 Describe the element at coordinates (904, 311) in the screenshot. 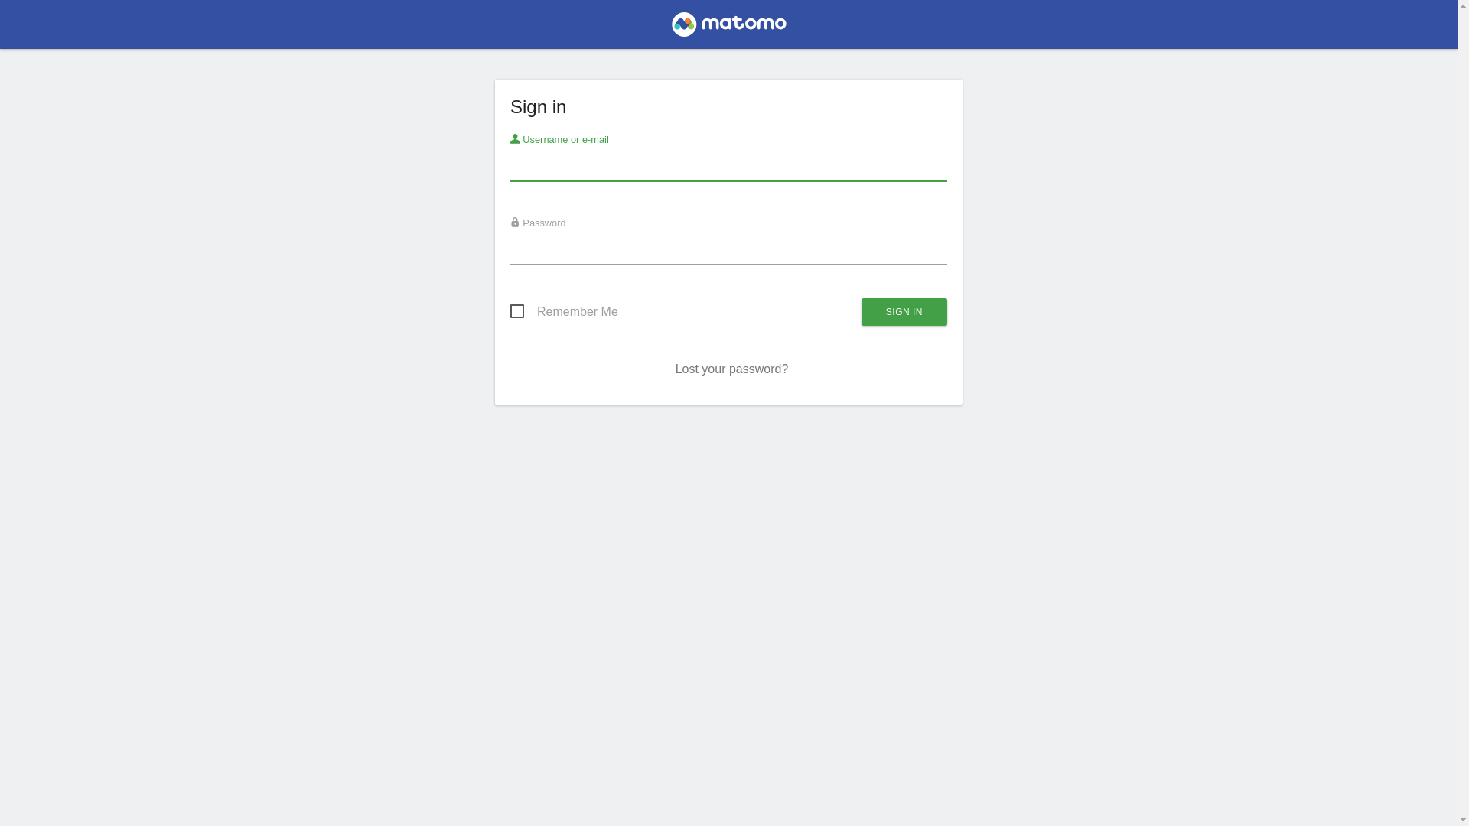

I see `'Sign in'` at that location.